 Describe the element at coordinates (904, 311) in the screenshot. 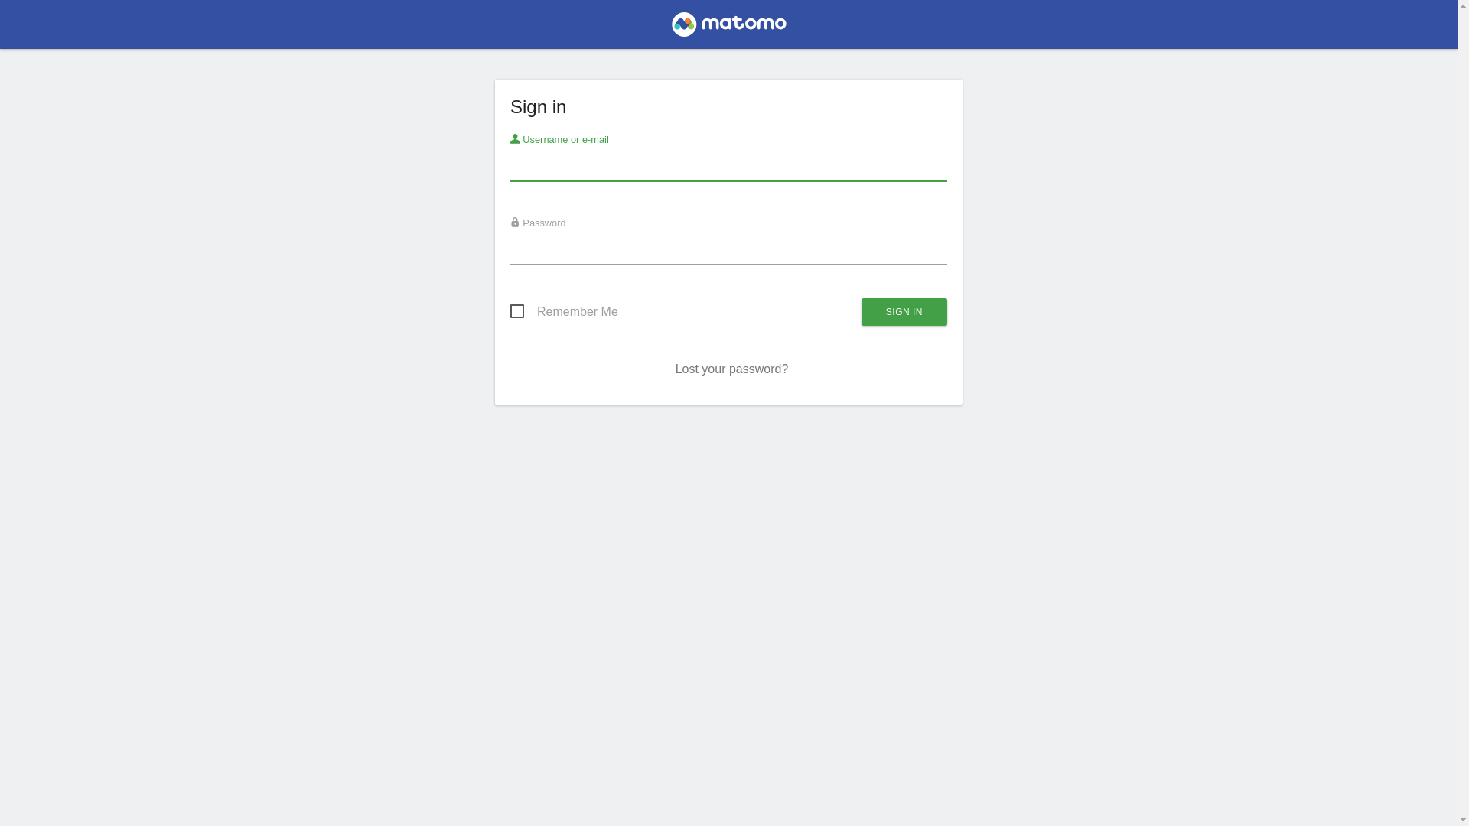

I see `'Sign in'` at that location.